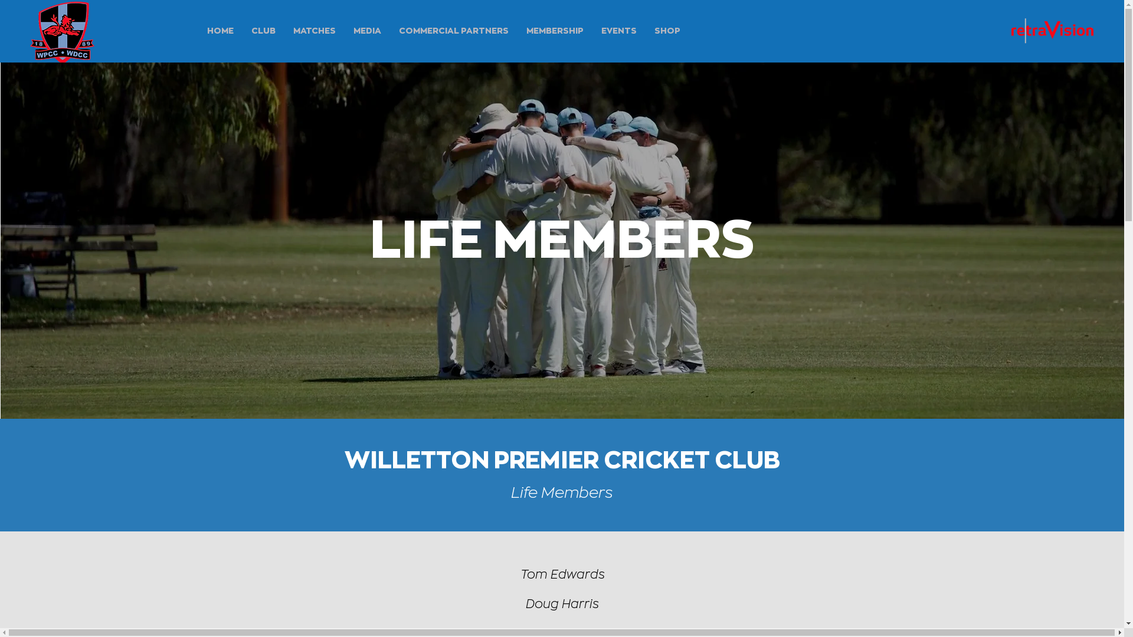  I want to click on 'EVENTS', so click(618, 29).